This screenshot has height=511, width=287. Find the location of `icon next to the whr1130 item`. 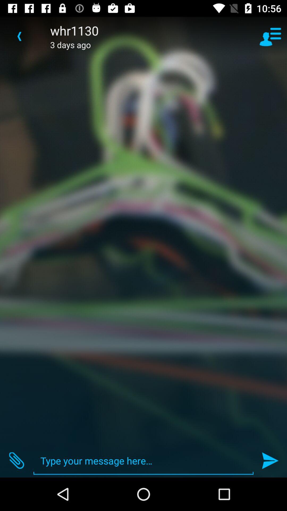

icon next to the whr1130 item is located at coordinates (19, 36).